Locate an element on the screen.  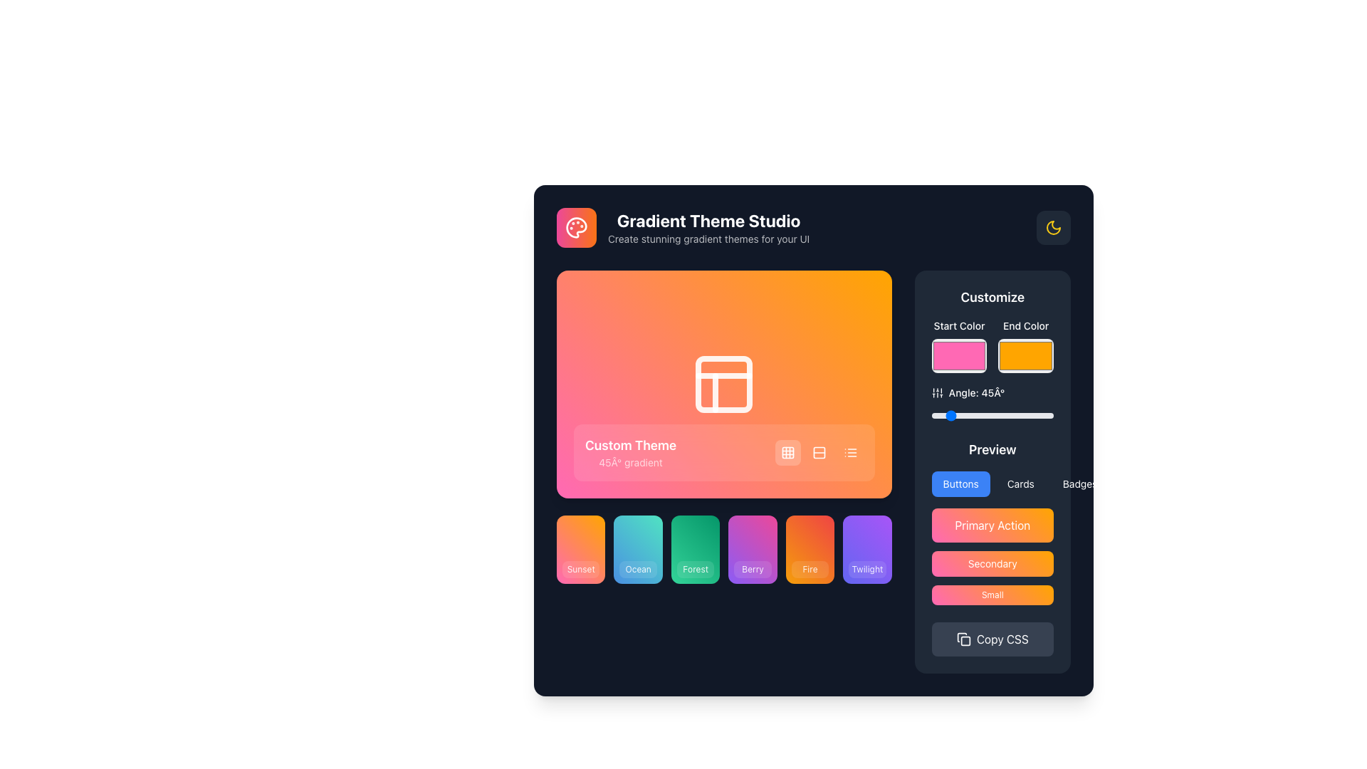
the 'Fire' themed button, which is the fifth tile in a horizontal grid of six elements, to apply the 'Fire' theme or setting is located at coordinates (810, 548).